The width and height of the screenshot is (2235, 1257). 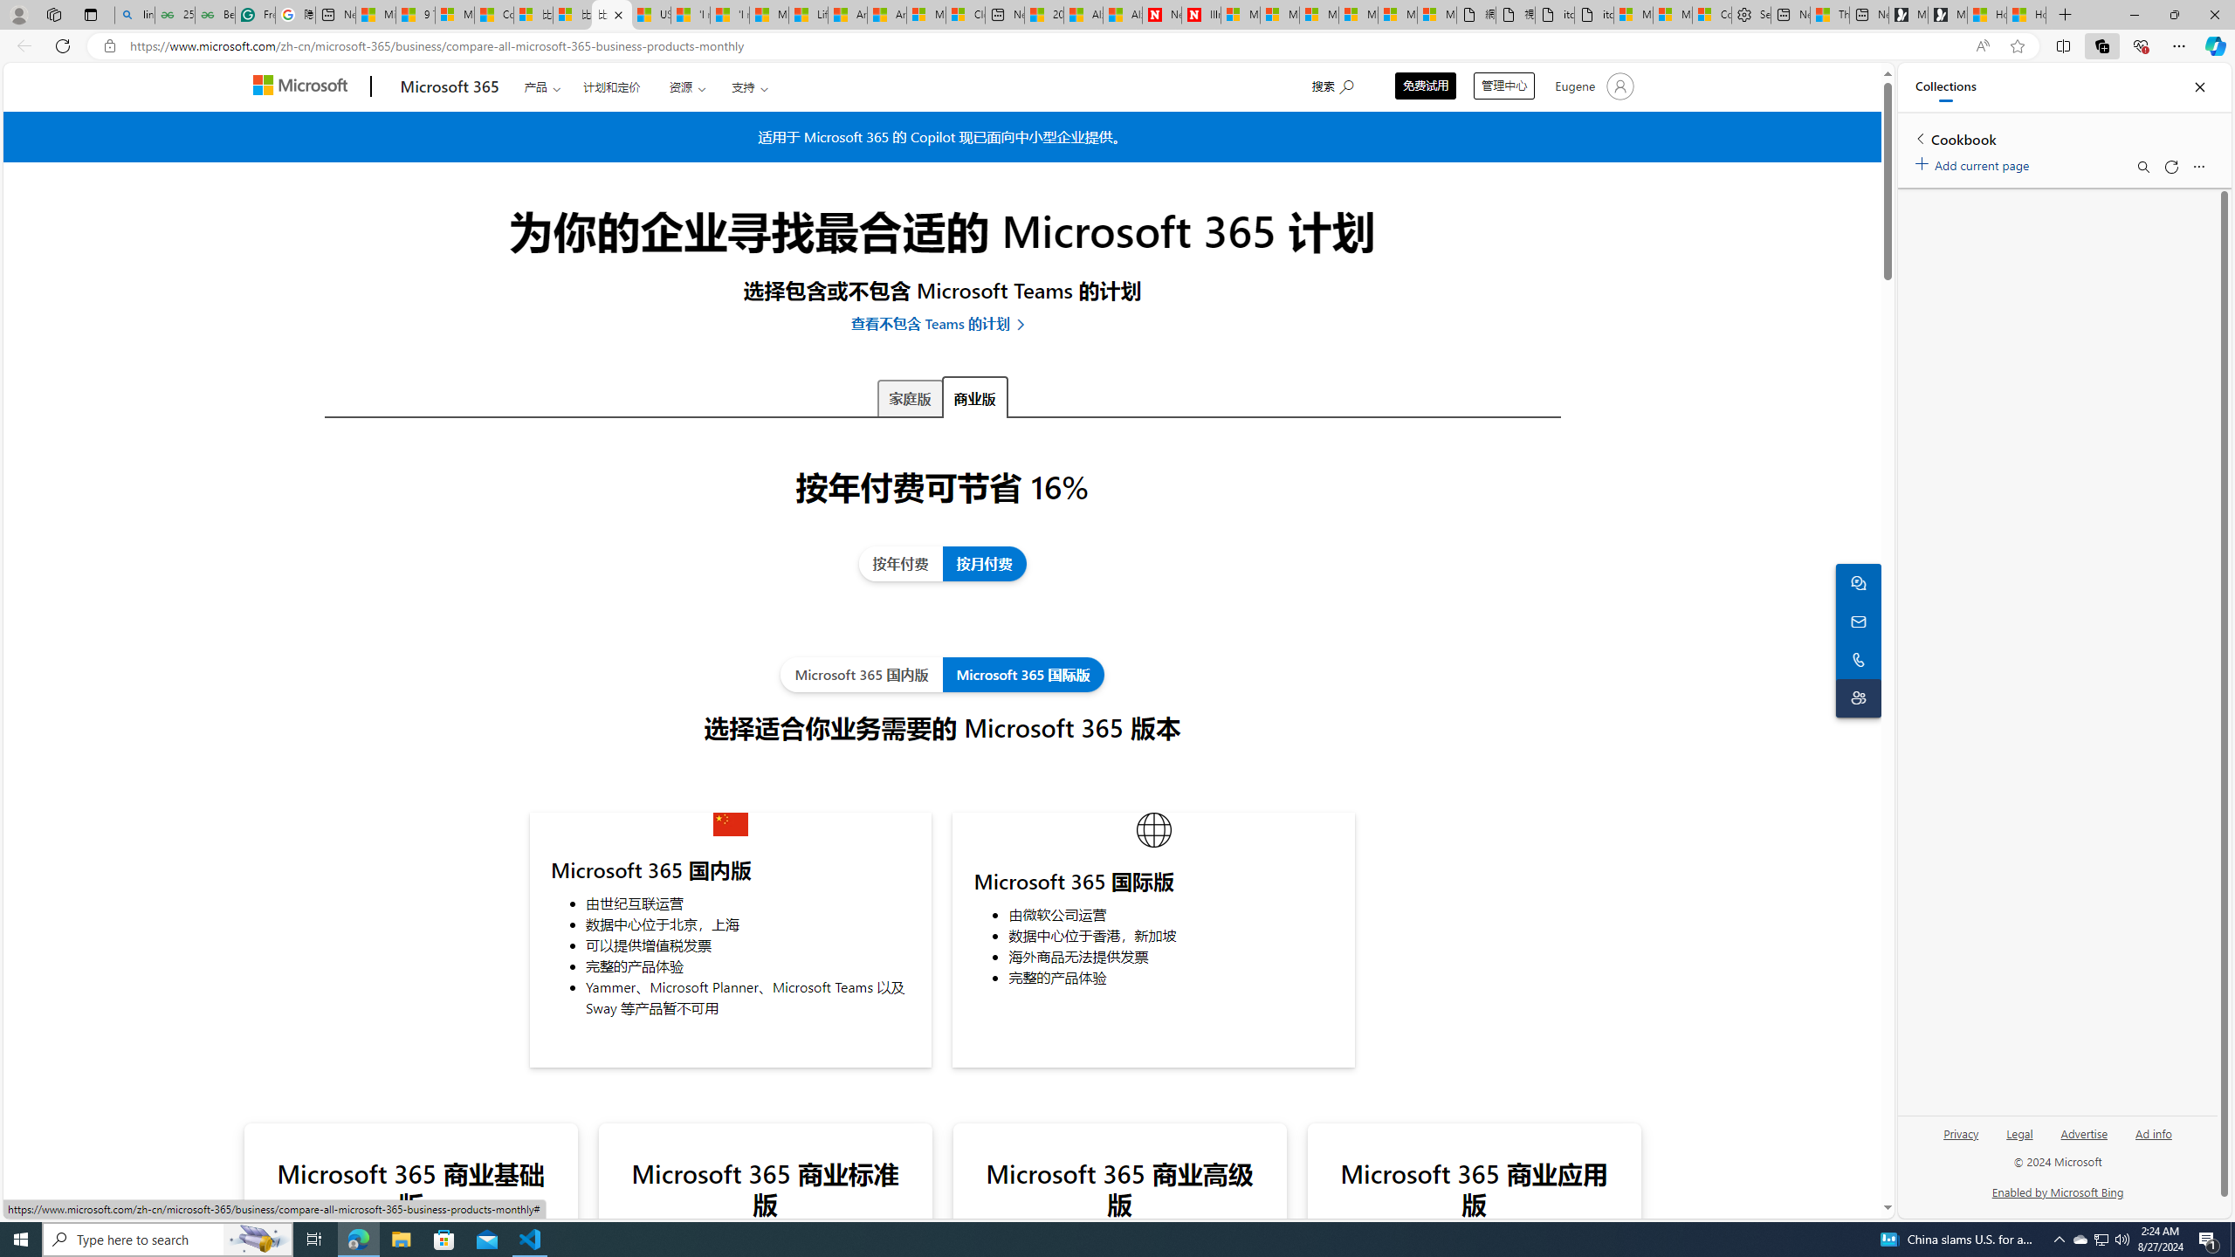 What do you see at coordinates (1593, 14) in the screenshot?
I see `'itconcepthk.com/projector_solutions.mp4'` at bounding box center [1593, 14].